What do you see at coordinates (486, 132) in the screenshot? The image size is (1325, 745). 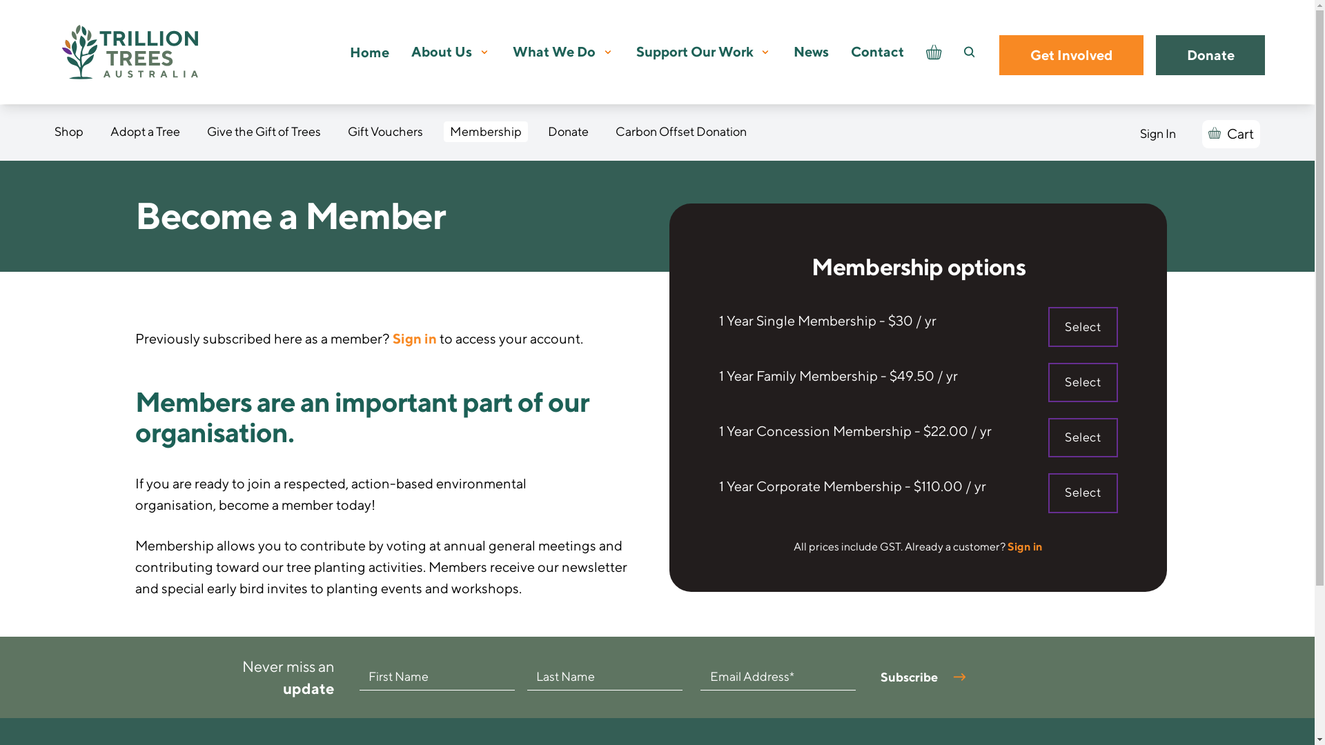 I see `'Membership'` at bounding box center [486, 132].